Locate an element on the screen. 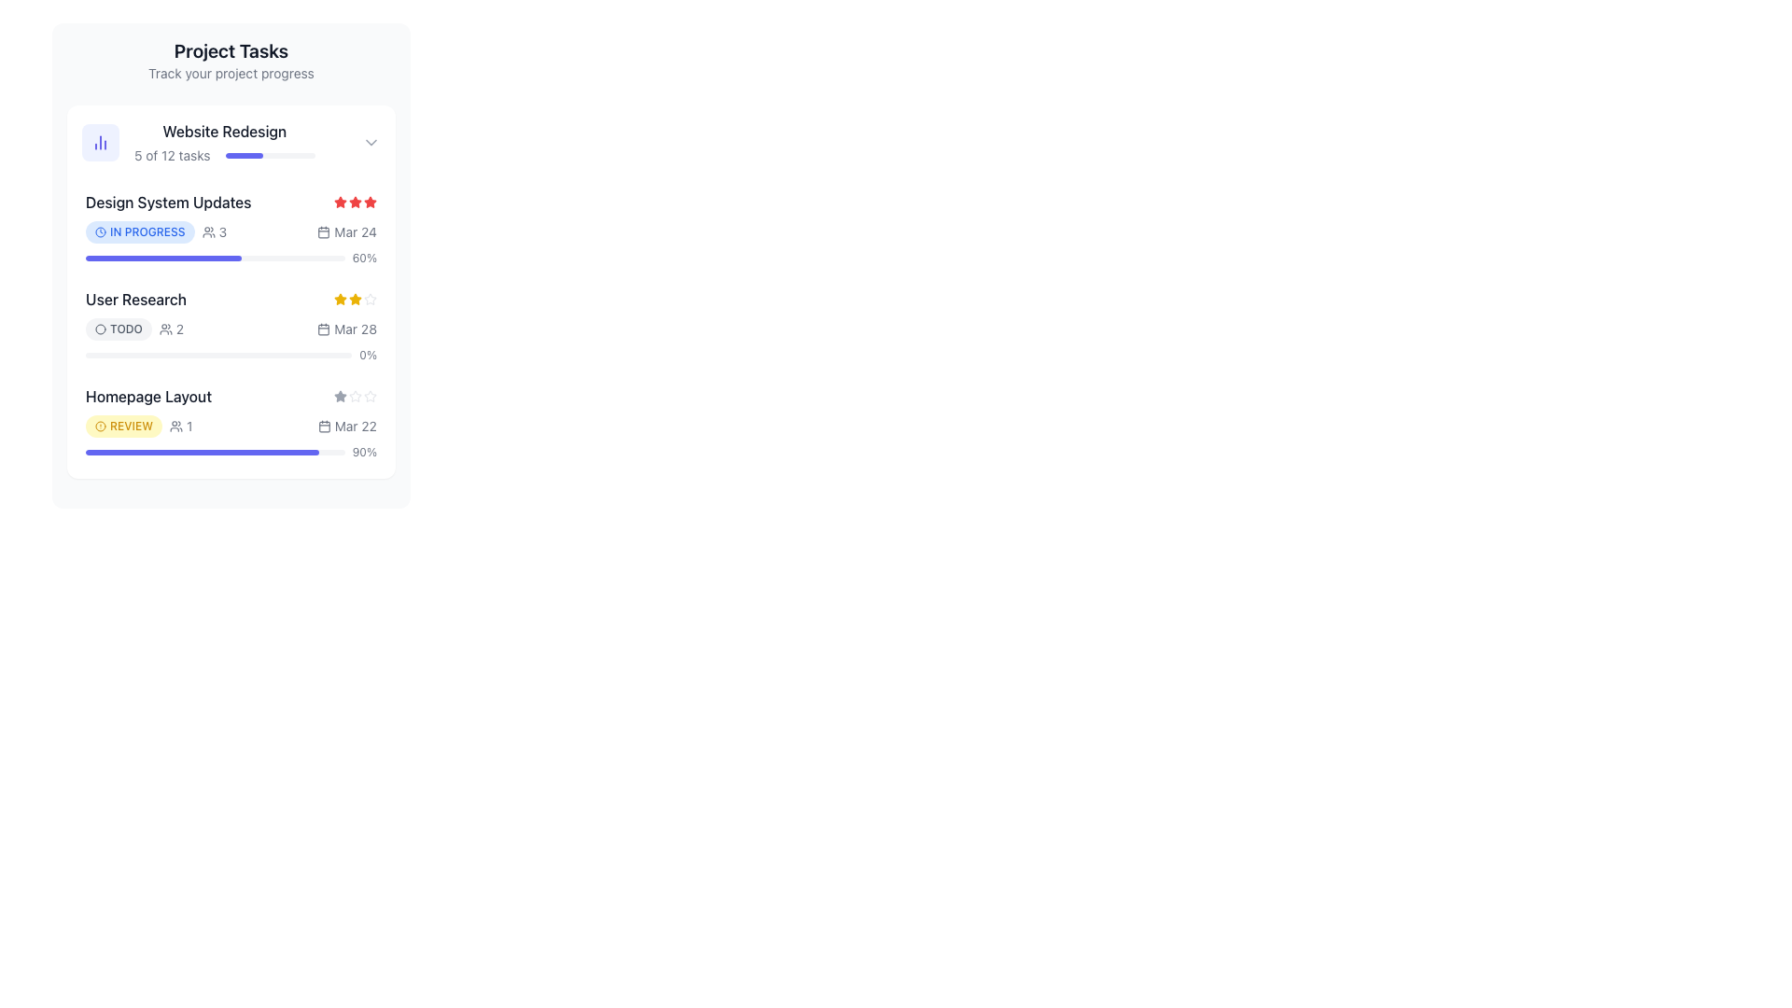  the minimalistic chart icon with three vertical bars located in the 'Website Redesign' section of the 'Project Tasks' card, which appears before the text 'Website Redesign' is located at coordinates (100, 142).